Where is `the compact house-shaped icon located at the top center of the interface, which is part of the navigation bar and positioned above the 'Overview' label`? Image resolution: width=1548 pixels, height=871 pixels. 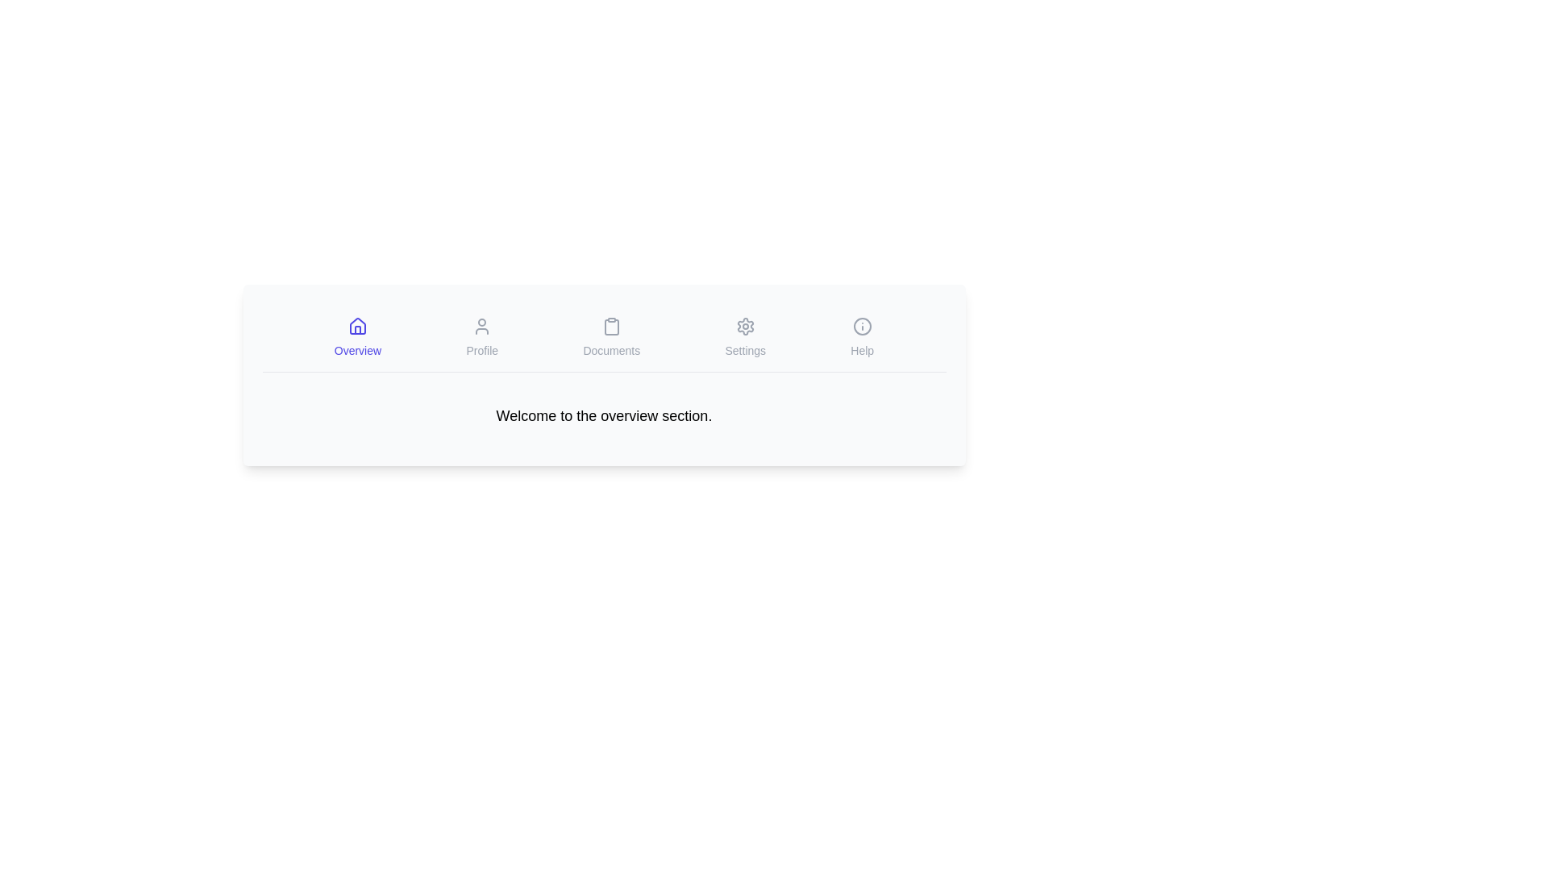 the compact house-shaped icon located at the top center of the interface, which is part of the navigation bar and positioned above the 'Overview' label is located at coordinates (356, 327).